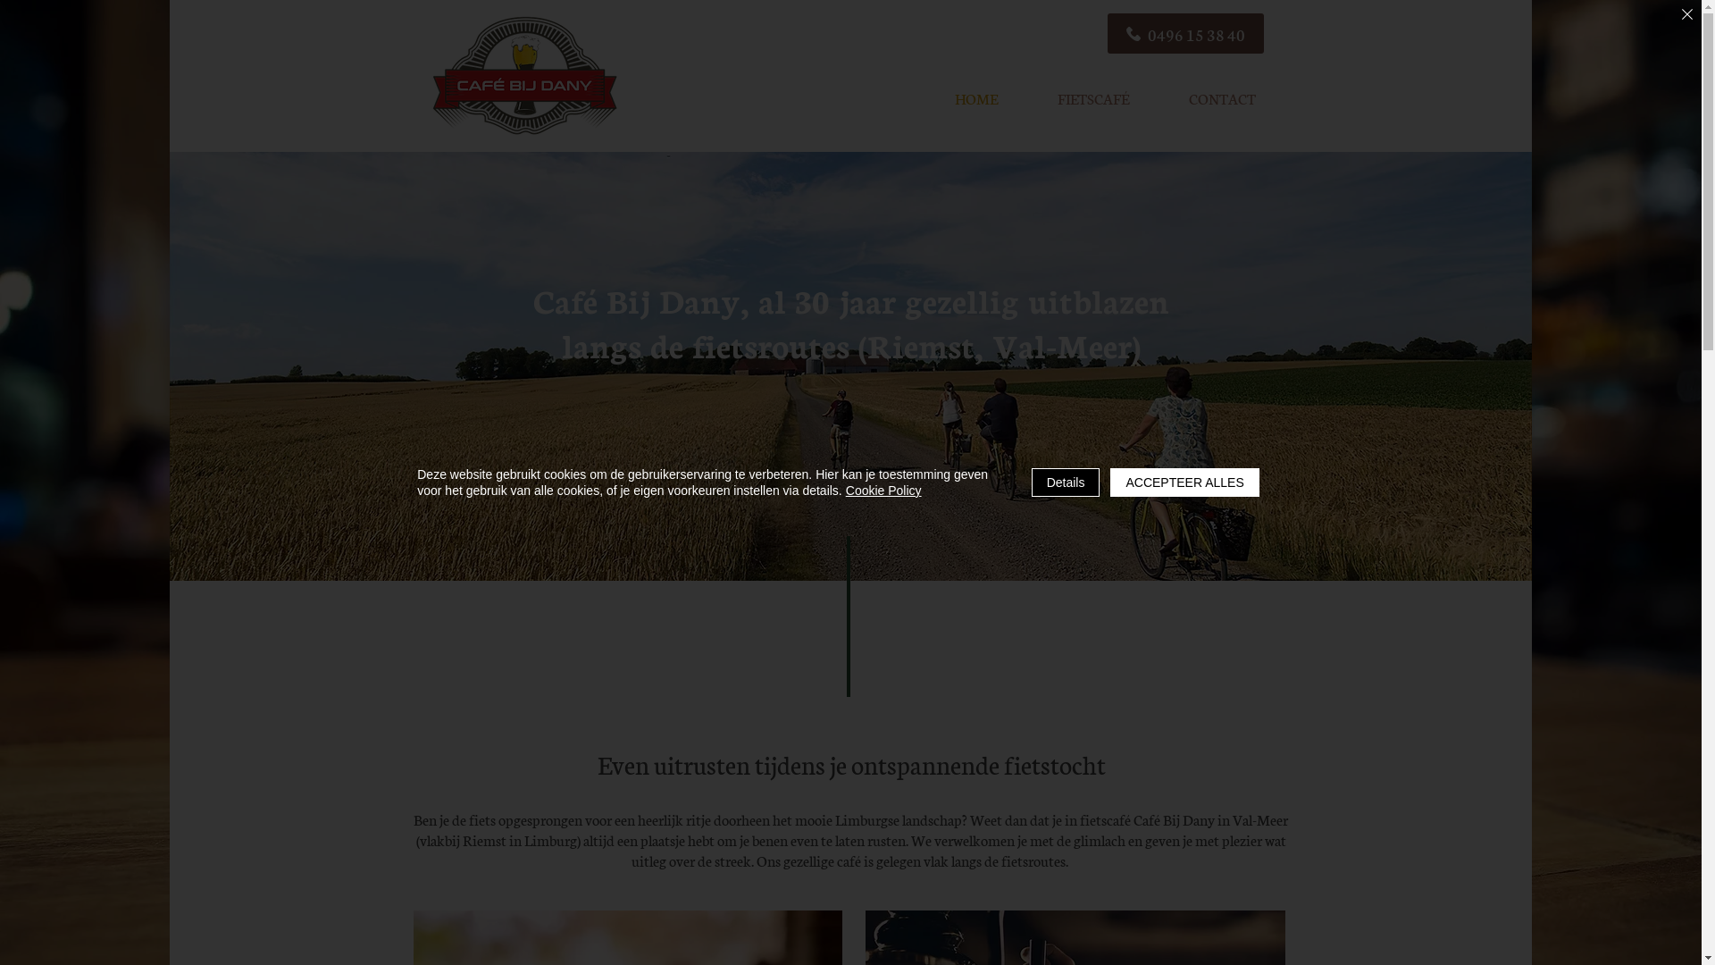  I want to click on 'HOME', so click(975, 98).